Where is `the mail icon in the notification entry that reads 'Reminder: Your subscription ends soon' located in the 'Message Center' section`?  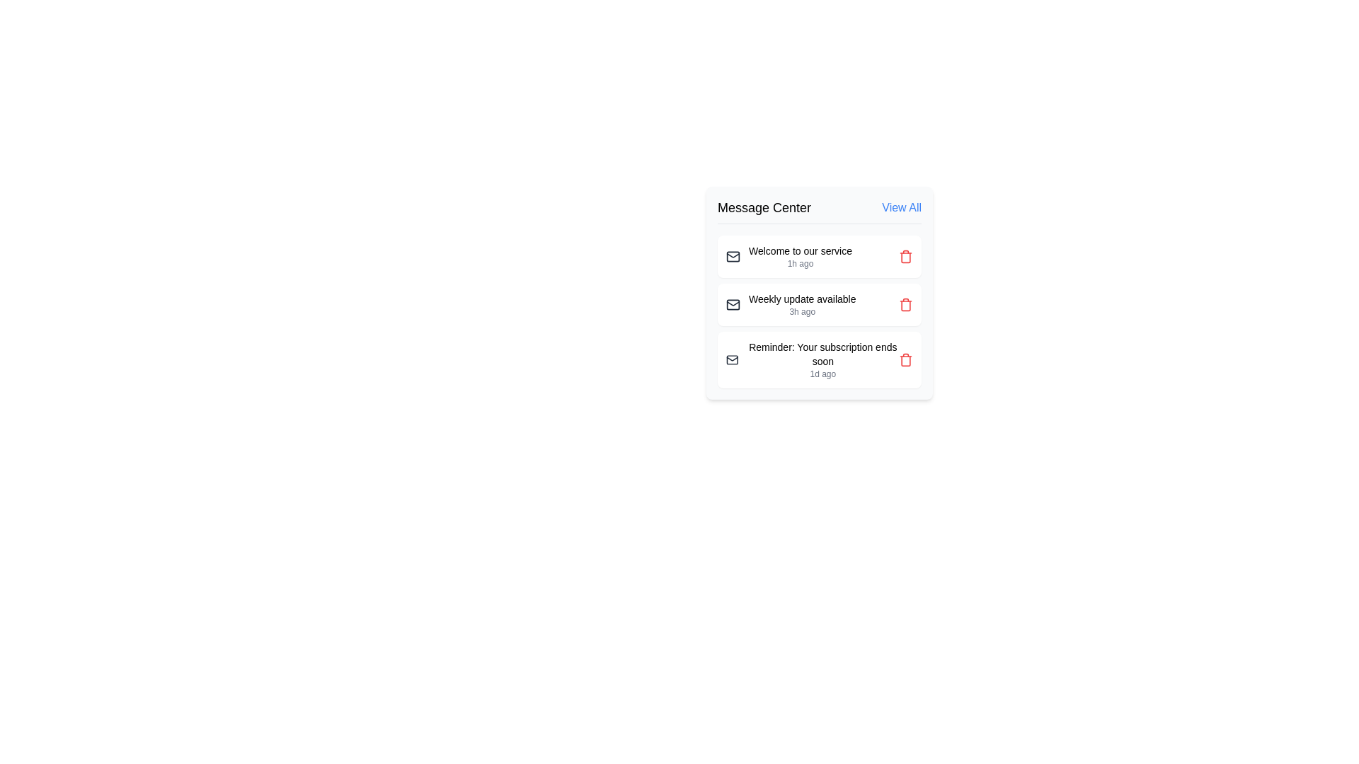
the mail icon in the notification entry that reads 'Reminder: Your subscription ends soon' located in the 'Message Center' section is located at coordinates (812, 359).